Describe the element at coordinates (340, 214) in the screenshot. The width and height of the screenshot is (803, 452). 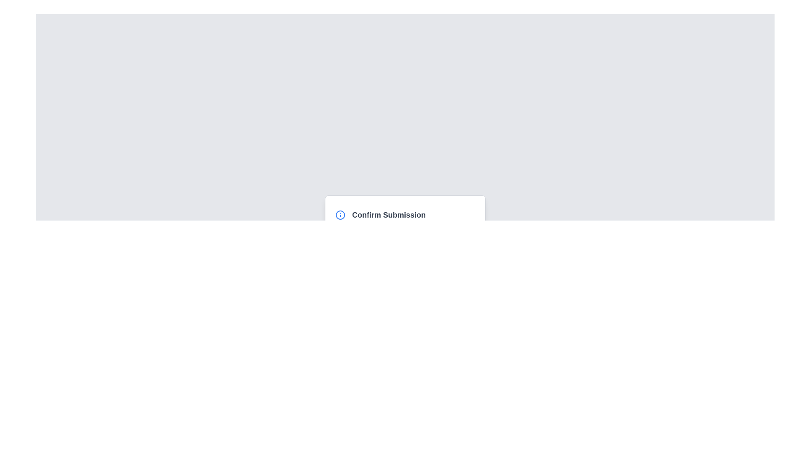
I see `the circular SVG graphic element with a blue outline located in the confirmation dialog box labeled 'Confirm Submission'` at that location.